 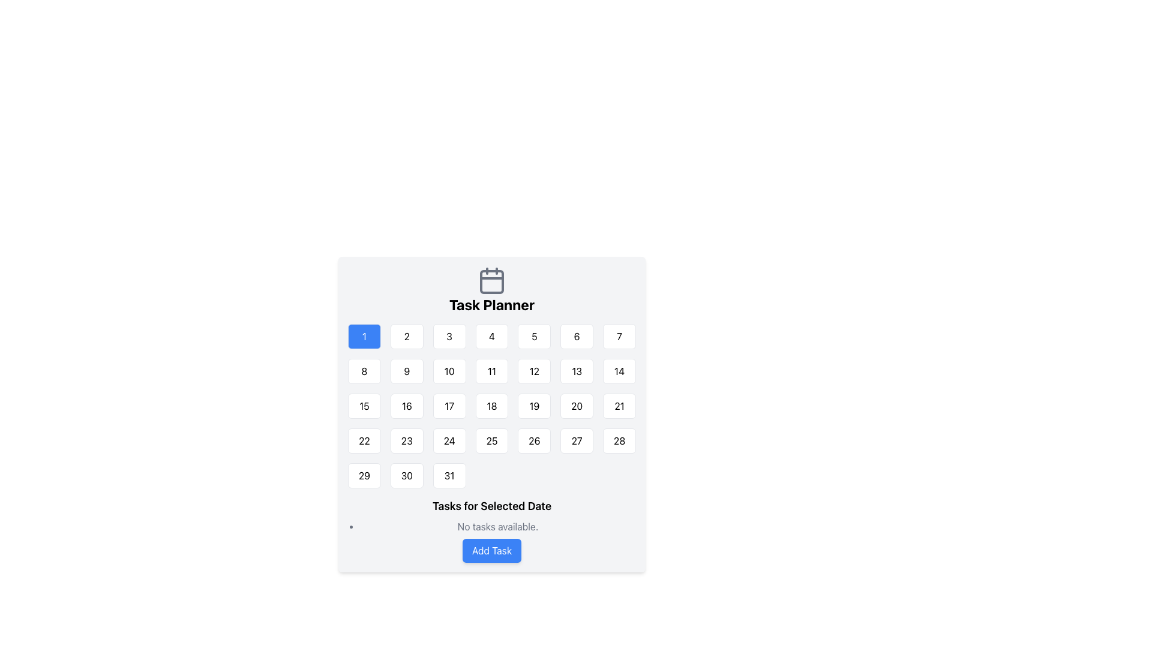 I want to click on the circular button with a white background and black text '6', so click(x=577, y=336).